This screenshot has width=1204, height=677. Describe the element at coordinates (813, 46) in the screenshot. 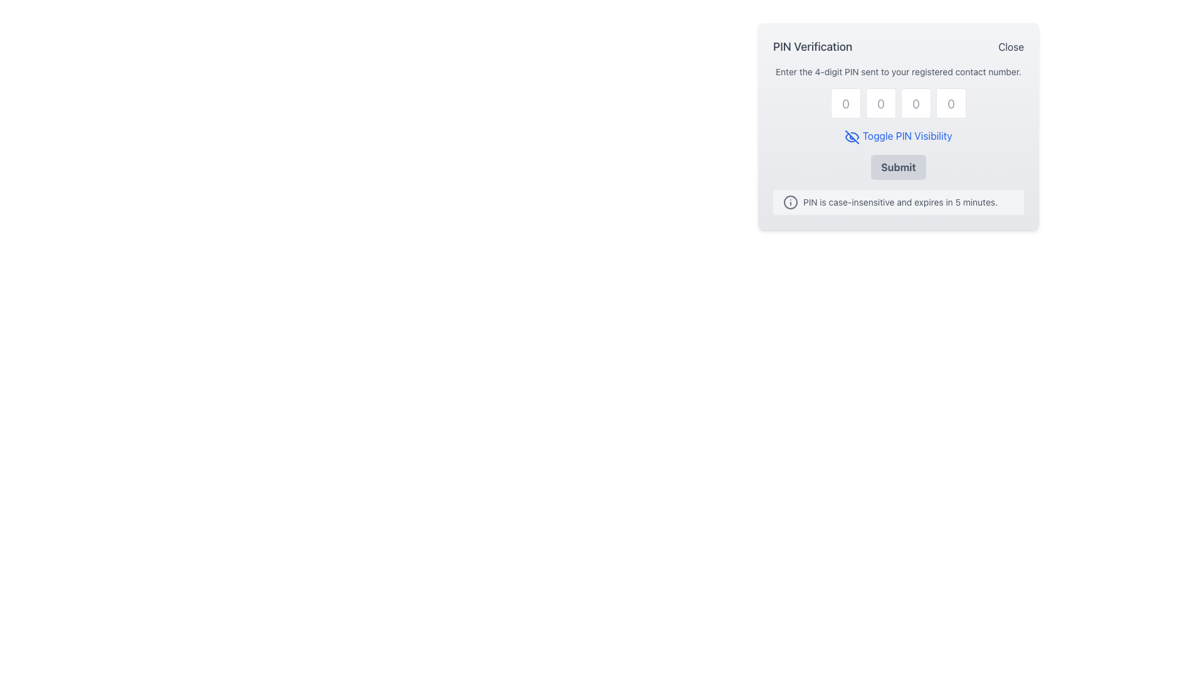

I see `text from the text block labeled 'PIN Verification' that is styled with a larger size and muted gray color, located at the top-left corner of a modal-like box` at that location.